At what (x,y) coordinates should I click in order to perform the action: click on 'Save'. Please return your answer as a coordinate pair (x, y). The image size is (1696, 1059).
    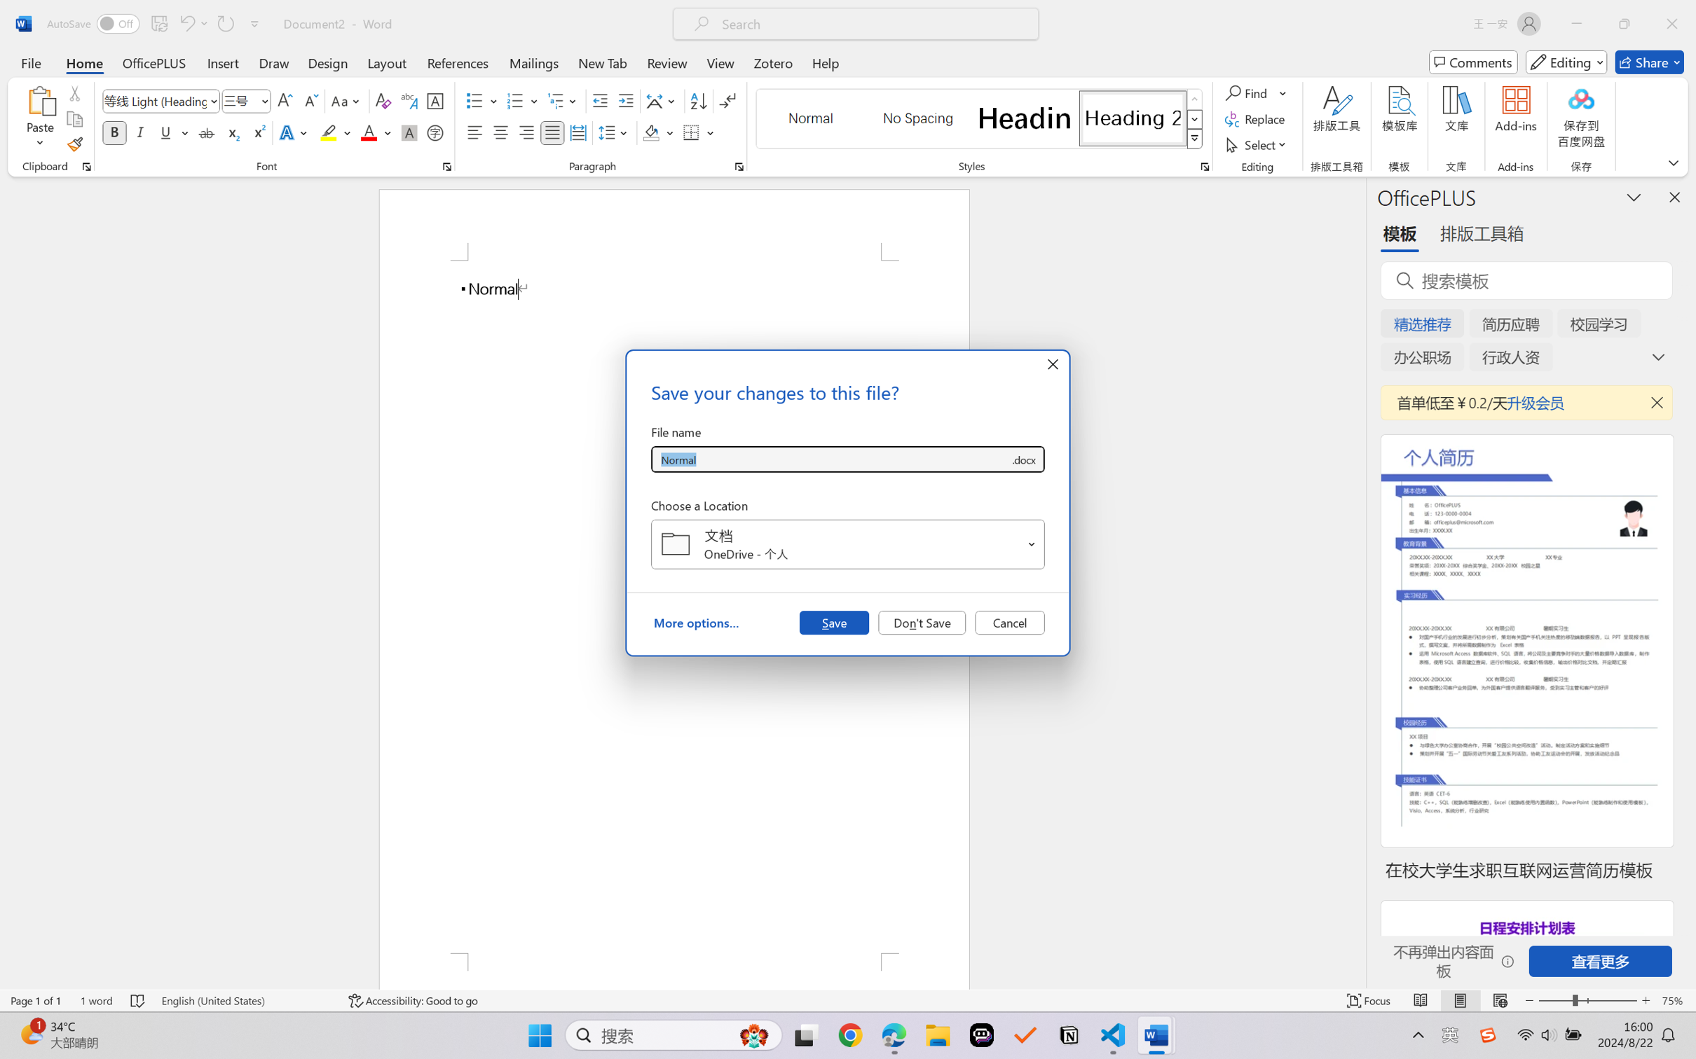
    Looking at the image, I should click on (833, 621).